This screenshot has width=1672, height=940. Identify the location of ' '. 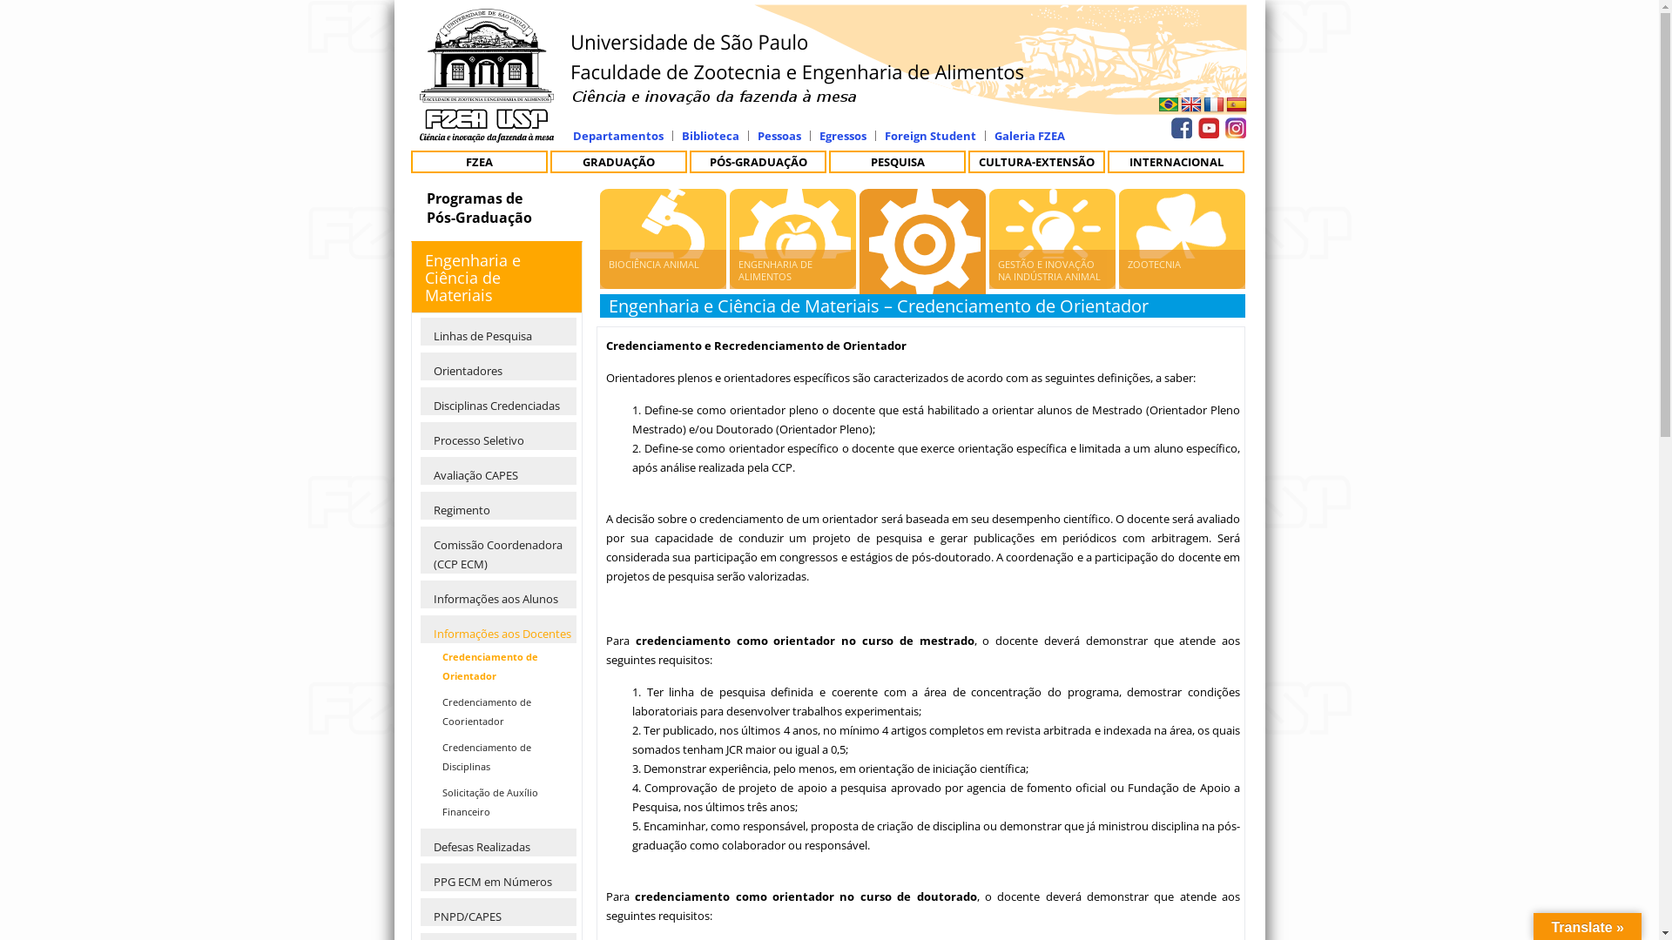
(1205, 124).